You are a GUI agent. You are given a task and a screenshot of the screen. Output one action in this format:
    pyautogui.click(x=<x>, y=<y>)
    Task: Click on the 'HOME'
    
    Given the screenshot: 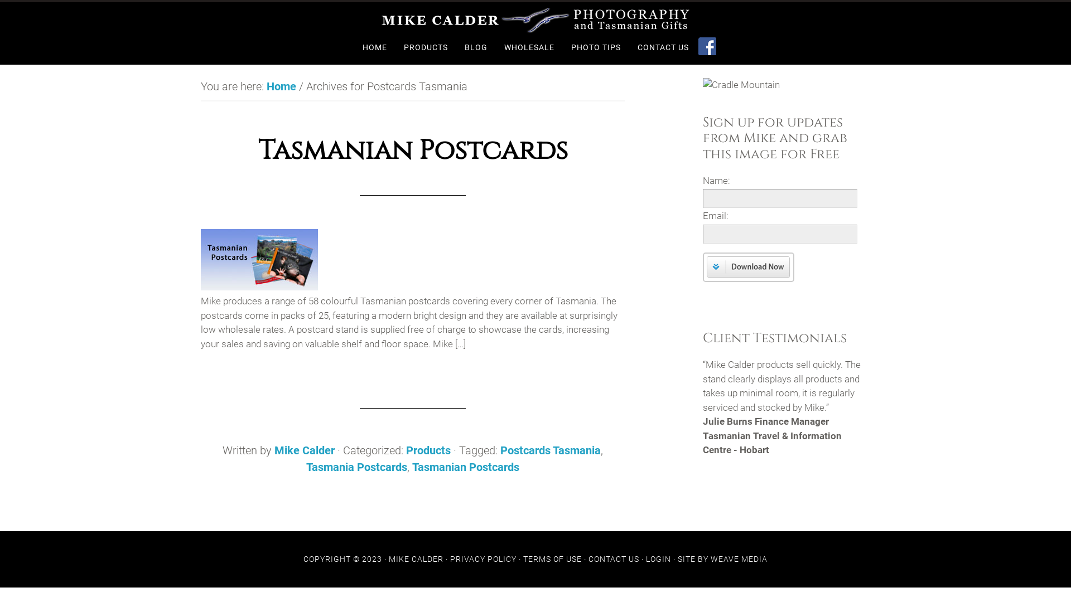 What is the action you would take?
    pyautogui.click(x=374, y=47)
    